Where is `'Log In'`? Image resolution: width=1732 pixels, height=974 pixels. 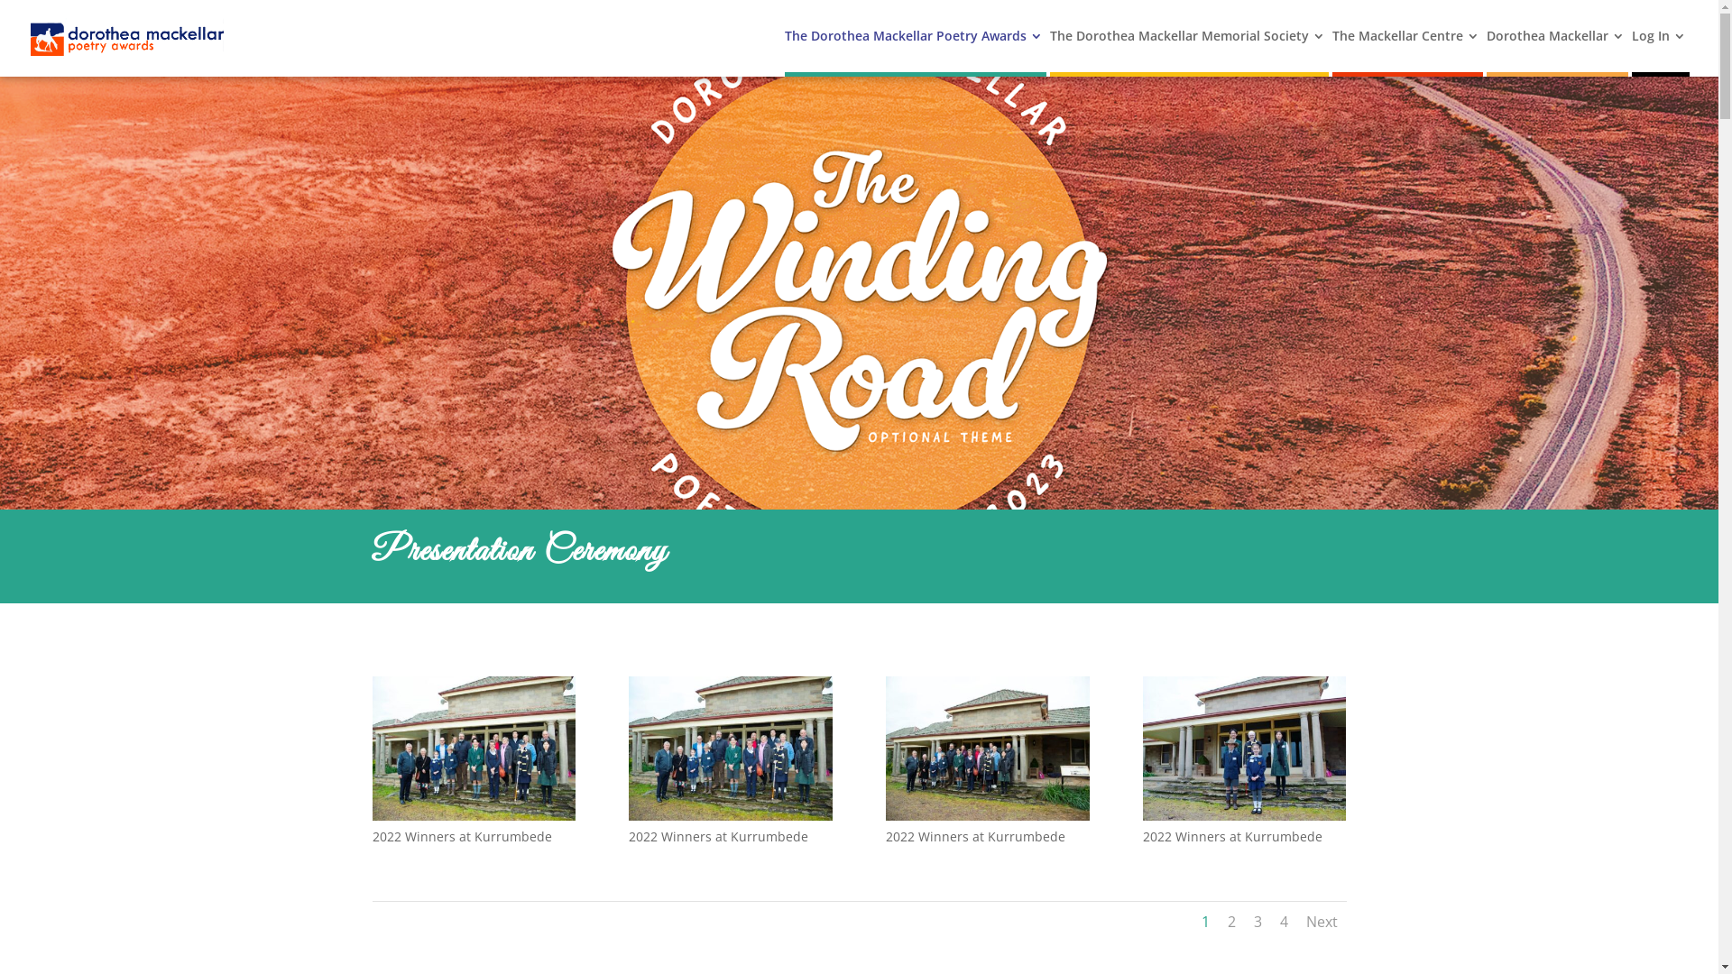 'Log In' is located at coordinates (1632, 50).